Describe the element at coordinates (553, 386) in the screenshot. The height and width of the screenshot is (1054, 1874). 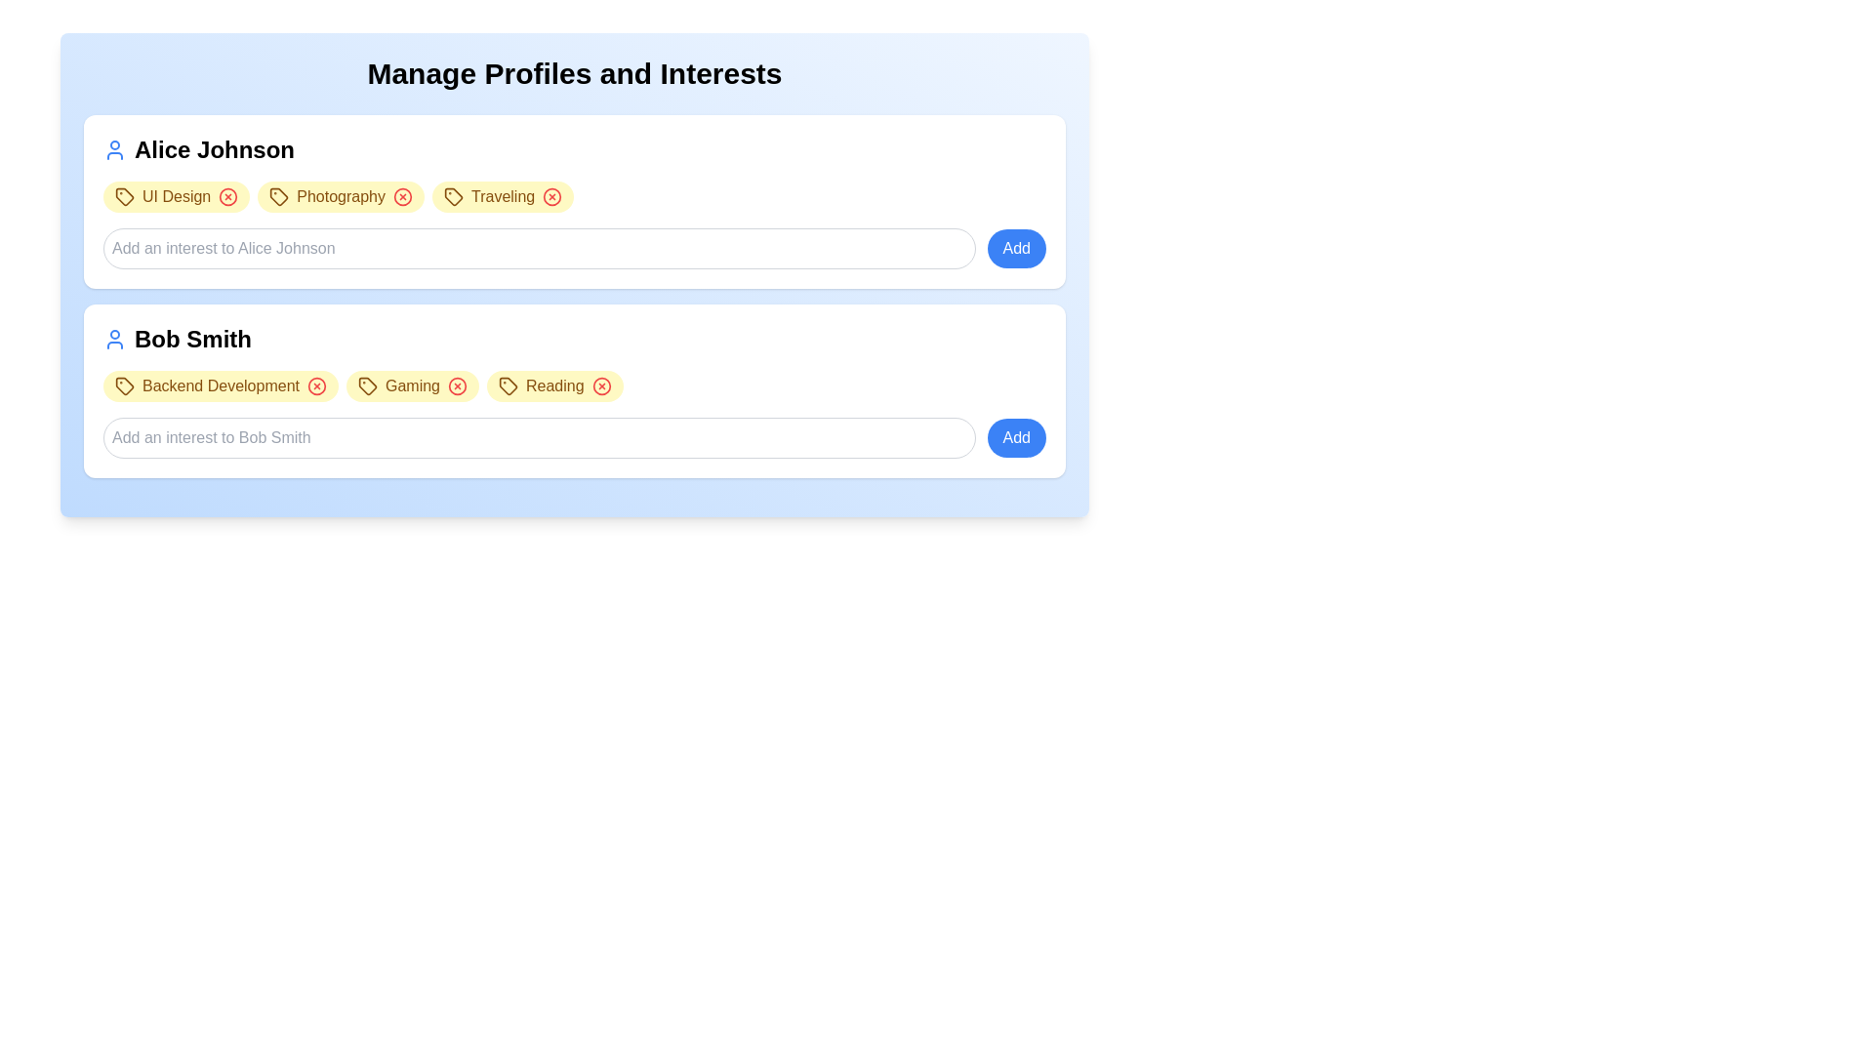
I see `the red 'X' icon on the 'Reading' interest tag` at that location.